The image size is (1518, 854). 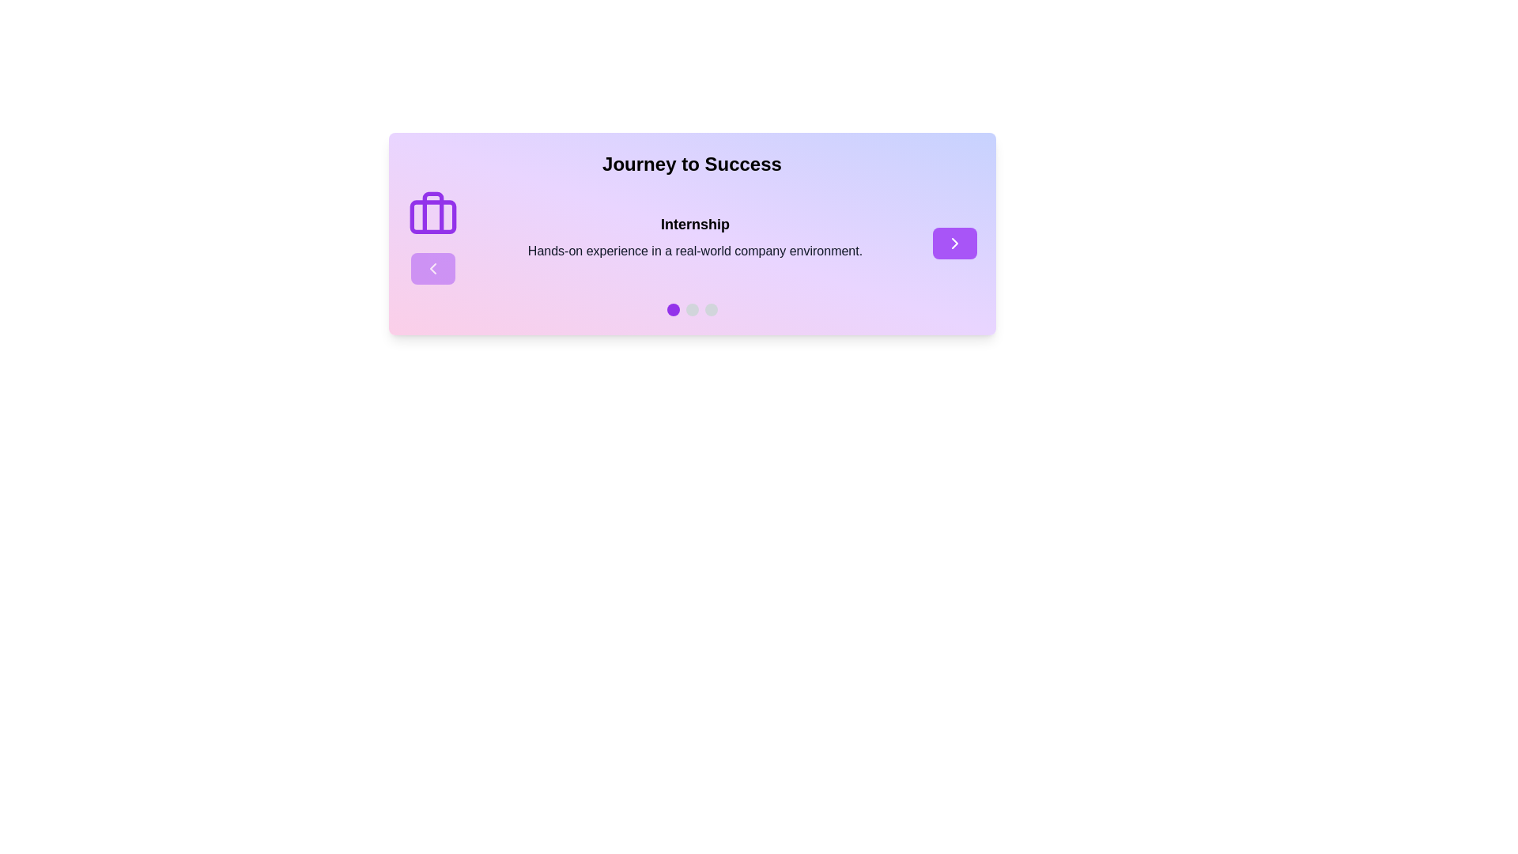 I want to click on the vertical rectangular handle element outlined in purple, located at the center of the briefcase icon on the left side of the card element, so click(x=432, y=212).